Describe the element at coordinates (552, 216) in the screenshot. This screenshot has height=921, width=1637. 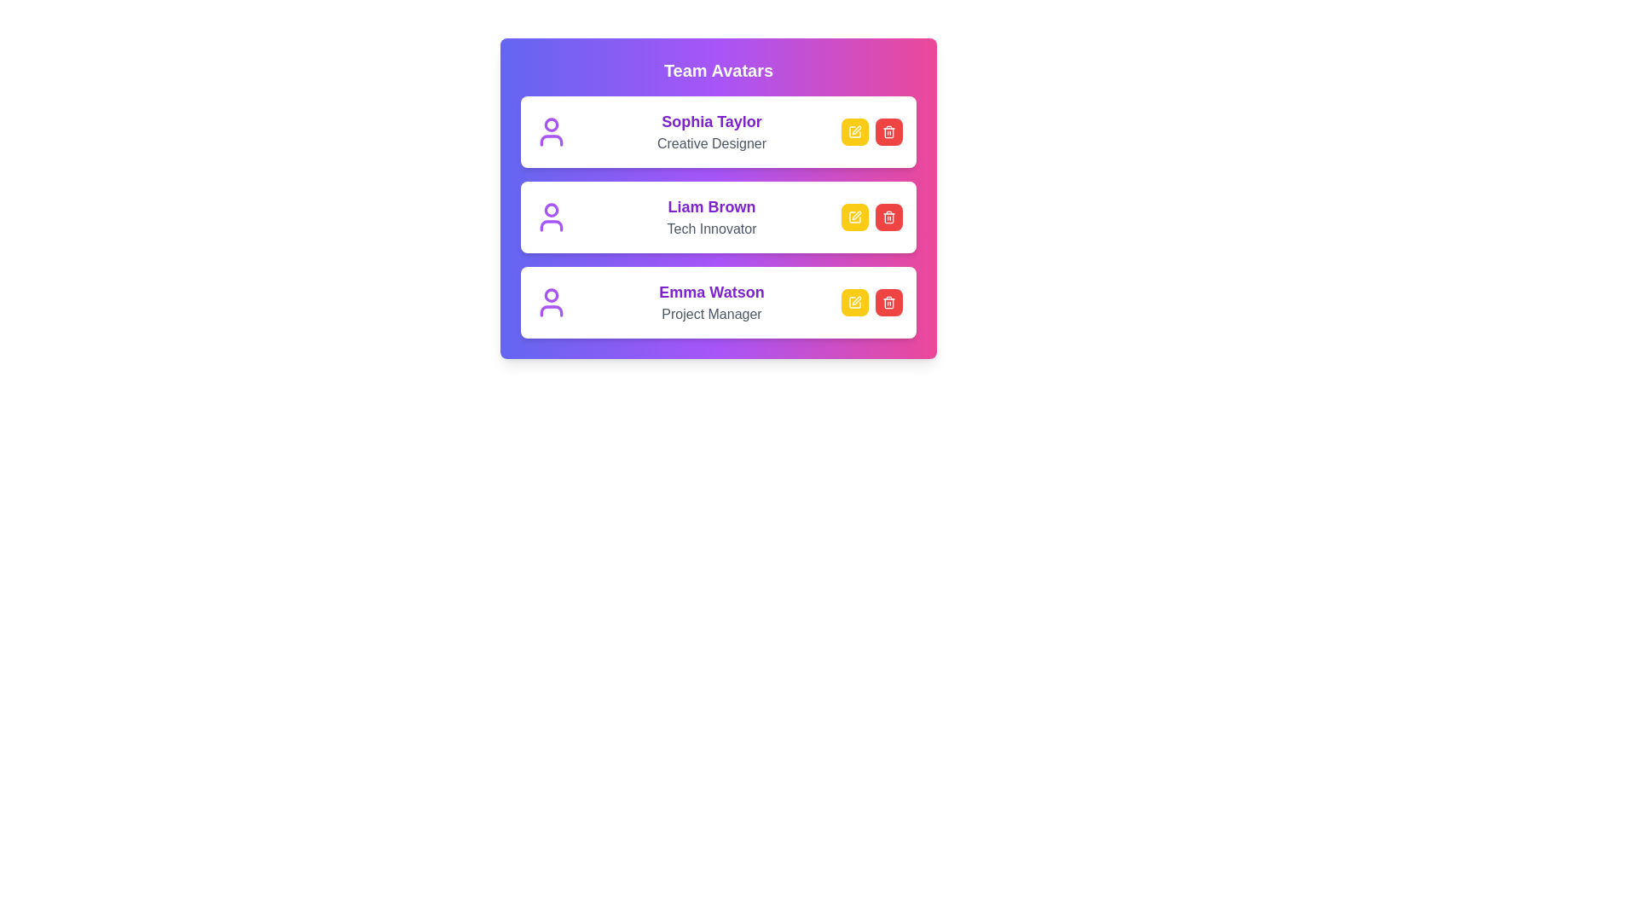
I see `the avatar icon representing user information in the 'Liam Brown, Tech Innovator' card, located to the left of the textual details` at that location.